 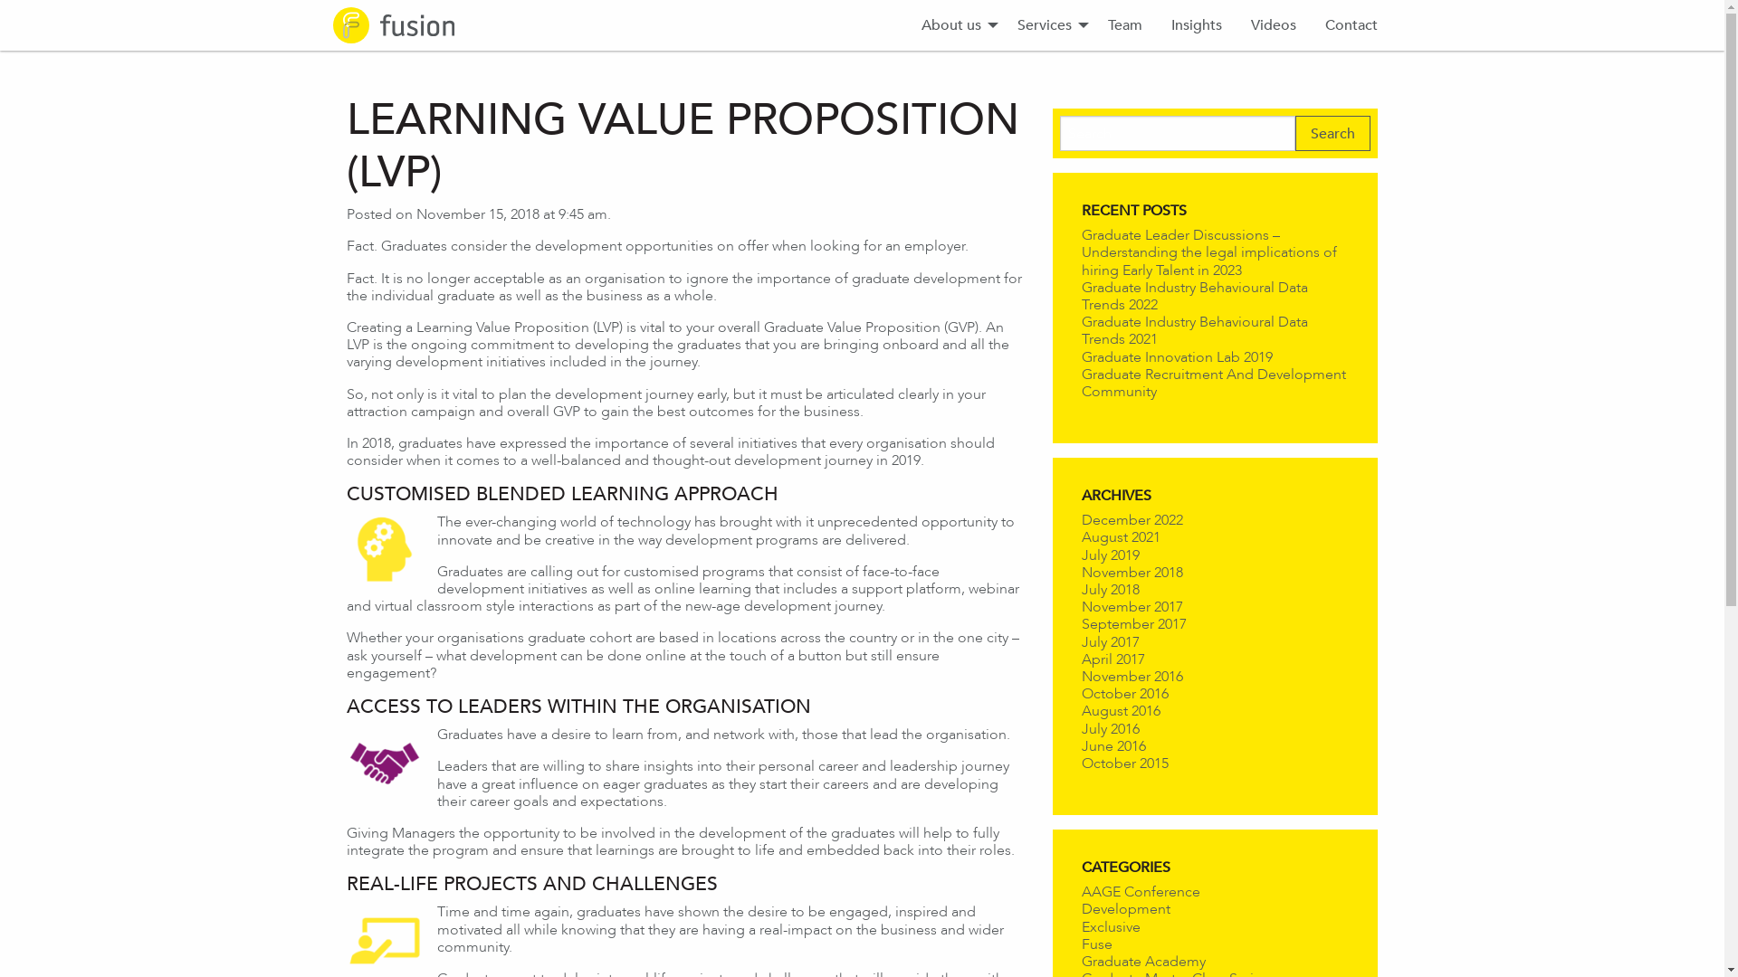 I want to click on 'Development', so click(x=1124, y=908).